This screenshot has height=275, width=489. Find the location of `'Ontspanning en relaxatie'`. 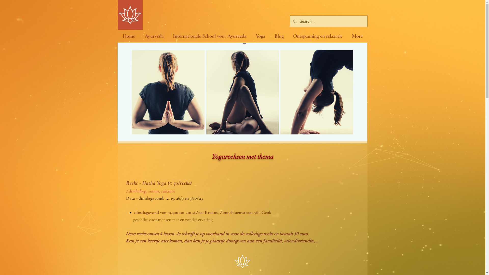

'Ontspanning en relaxatie' is located at coordinates (288, 36).